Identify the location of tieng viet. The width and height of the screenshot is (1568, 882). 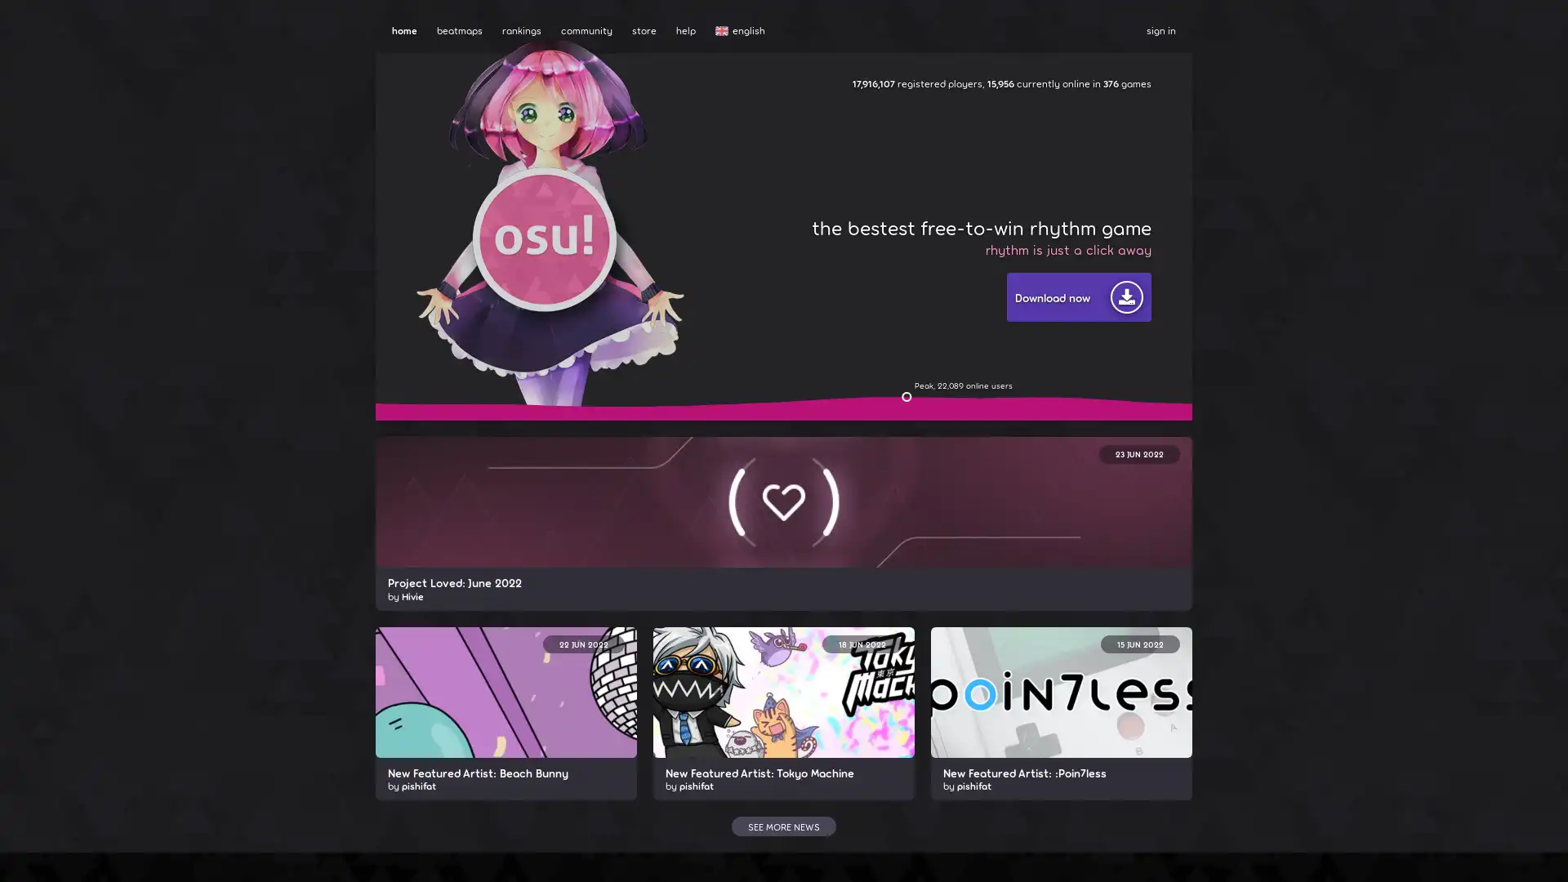
(764, 630).